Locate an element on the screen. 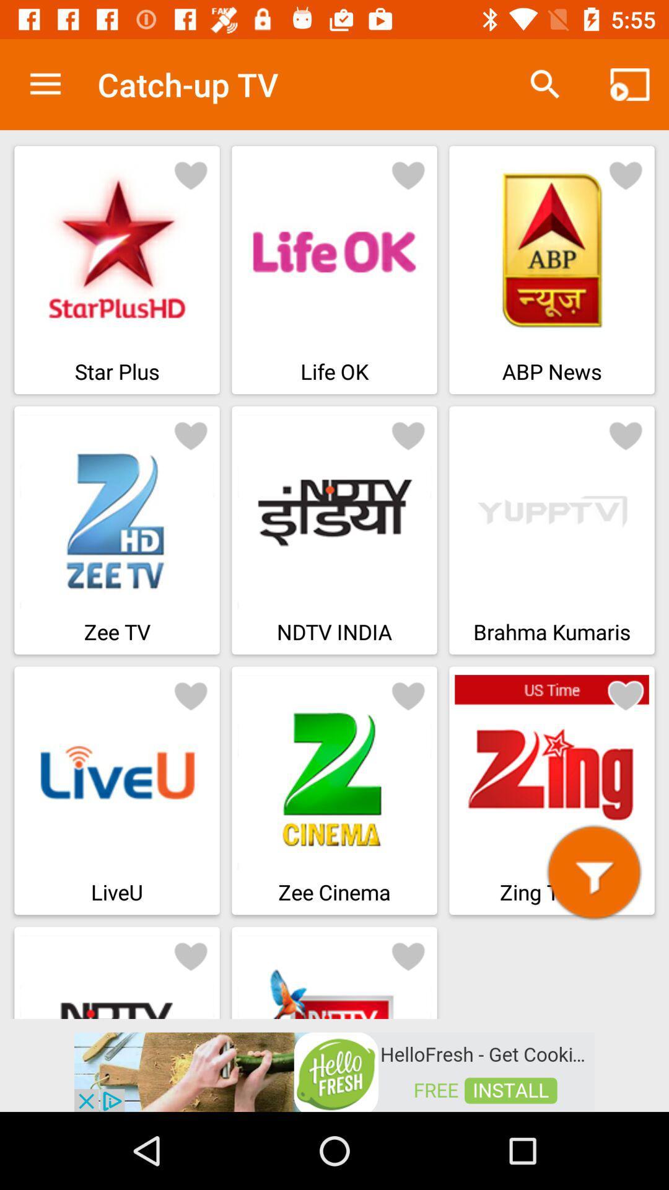 The width and height of the screenshot is (669, 1190). filter button is located at coordinates (593, 871).